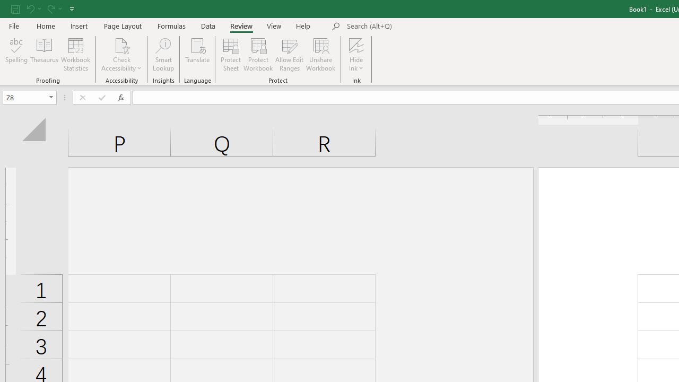 The image size is (679, 382). What do you see at coordinates (230, 55) in the screenshot?
I see `'Protect Sheet...'` at bounding box center [230, 55].